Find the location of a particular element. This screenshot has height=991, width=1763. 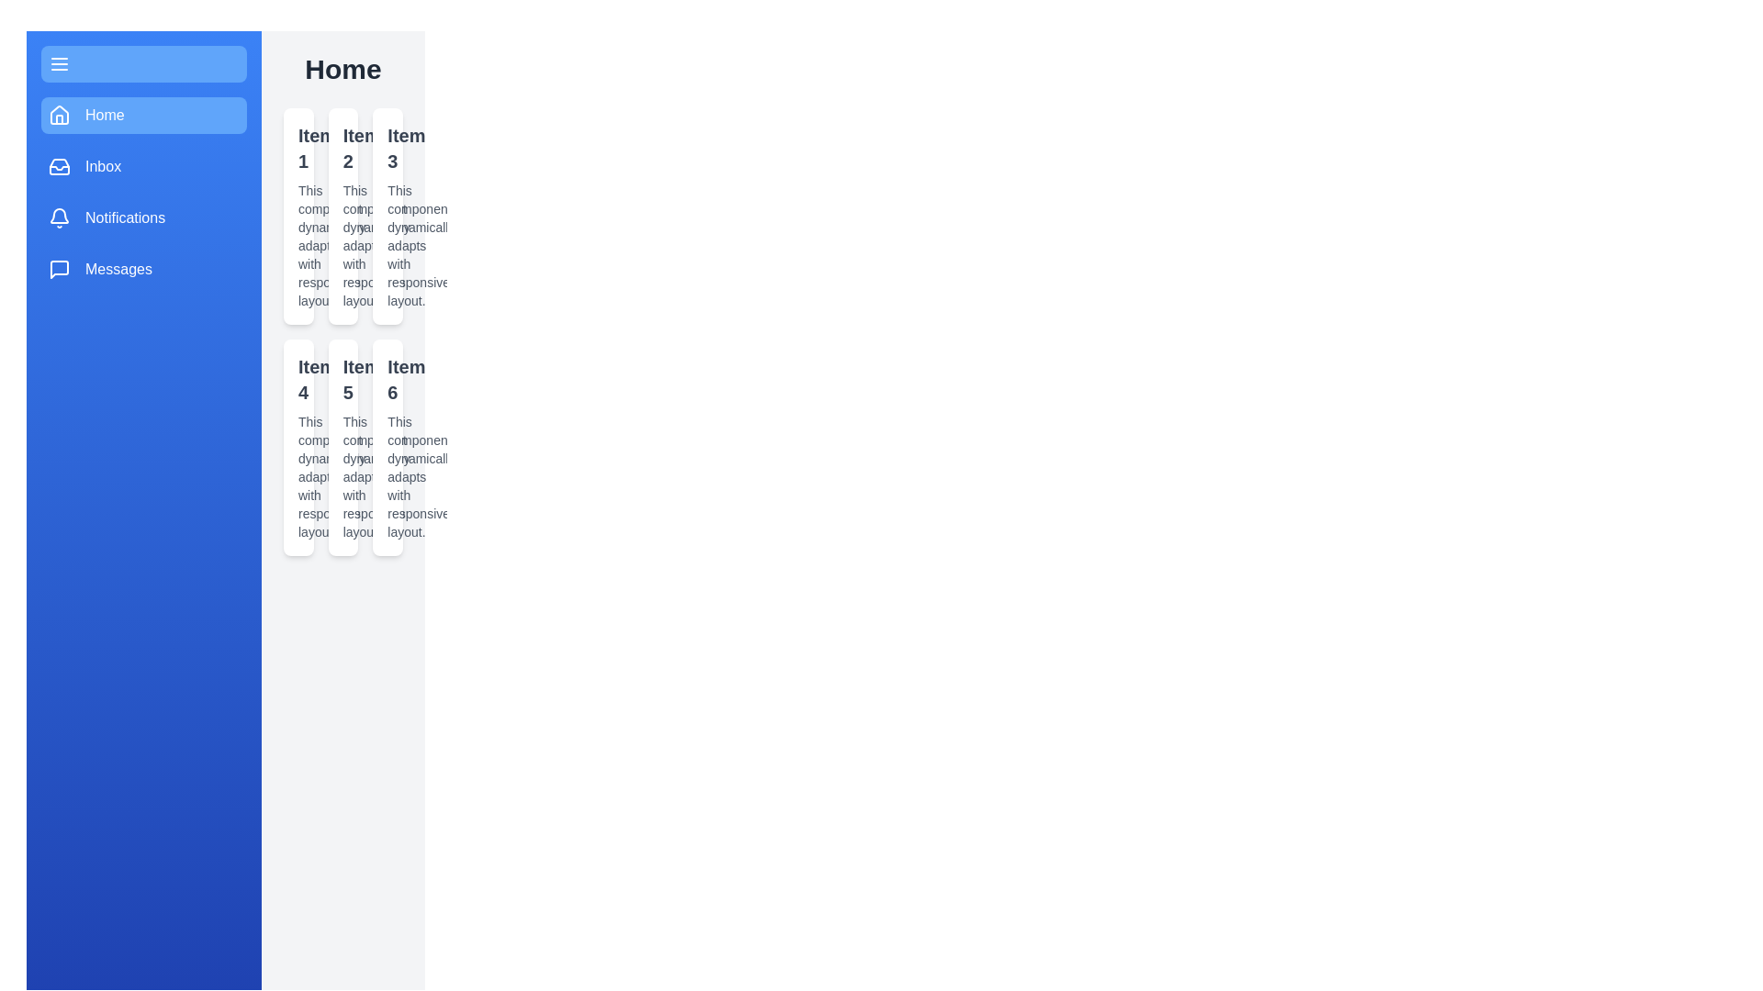

the house icon in the navigation sidebar is located at coordinates (60, 114).